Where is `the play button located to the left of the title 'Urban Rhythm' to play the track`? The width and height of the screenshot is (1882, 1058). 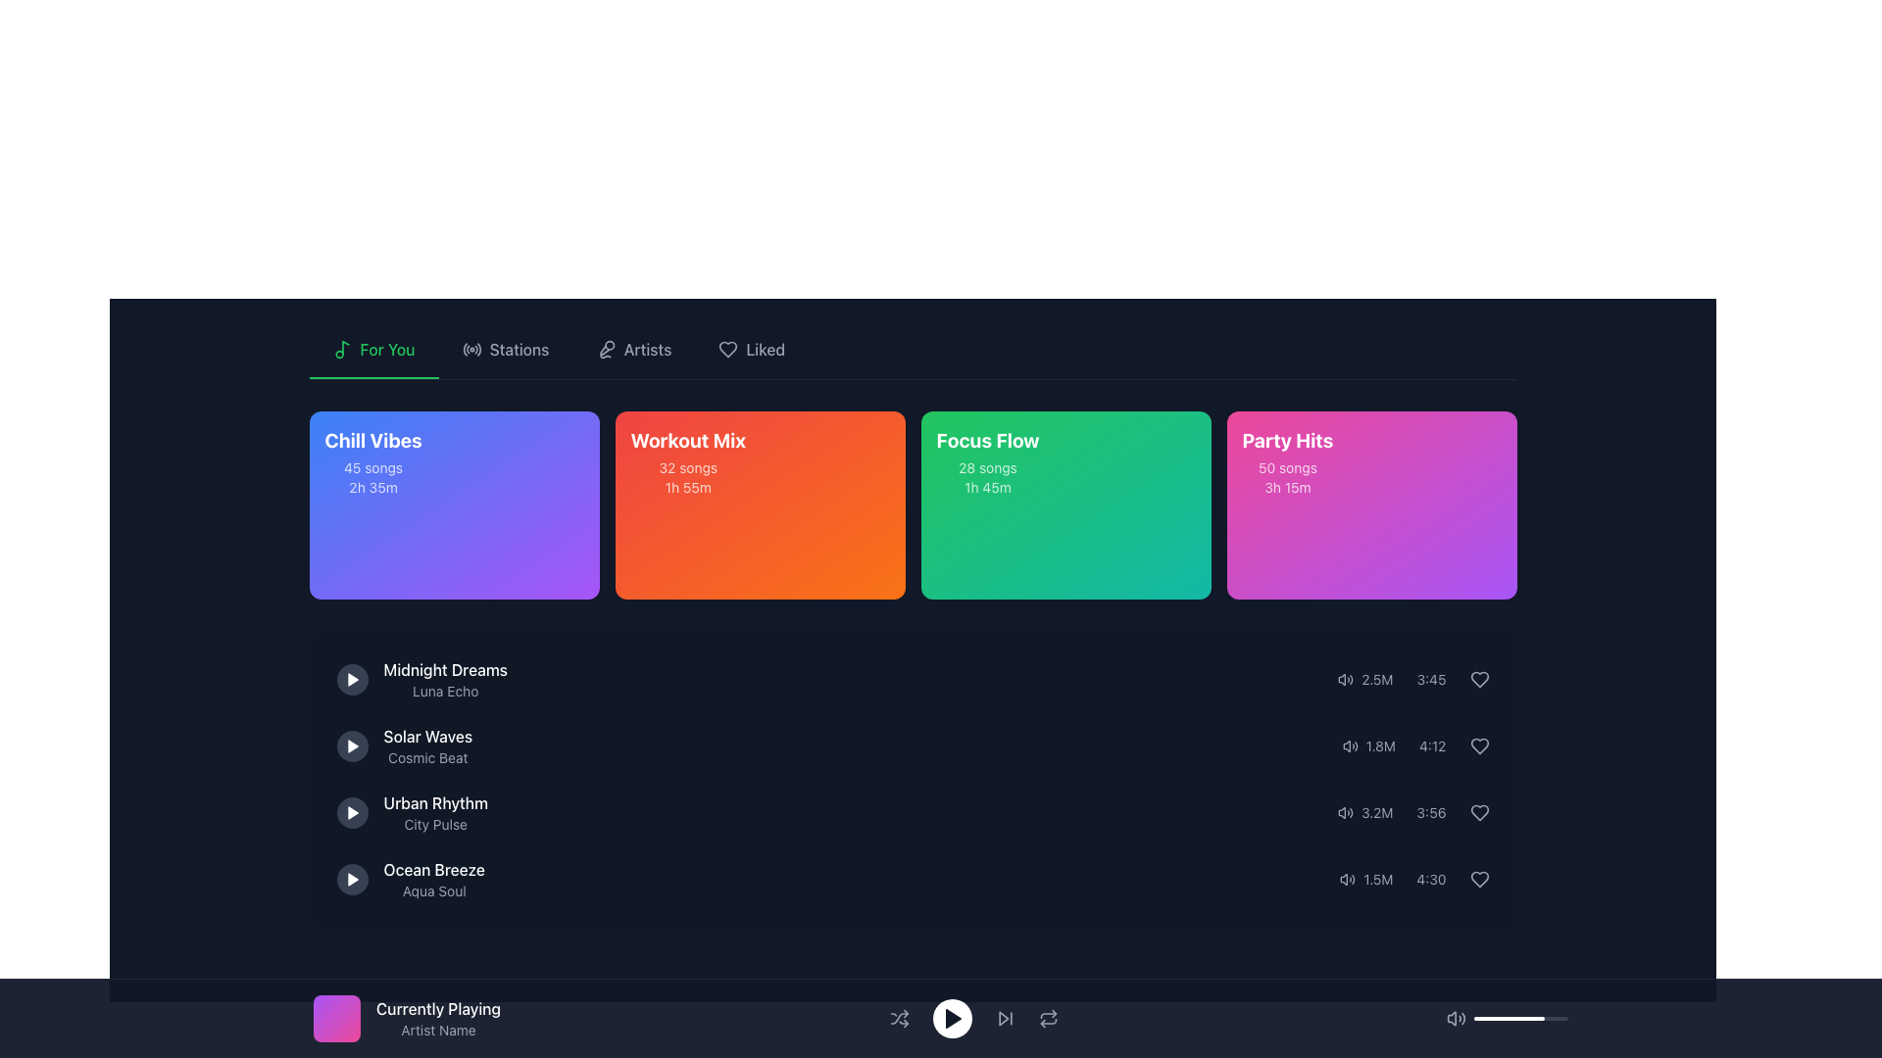
the play button located to the left of the title 'Urban Rhythm' to play the track is located at coordinates (352, 812).